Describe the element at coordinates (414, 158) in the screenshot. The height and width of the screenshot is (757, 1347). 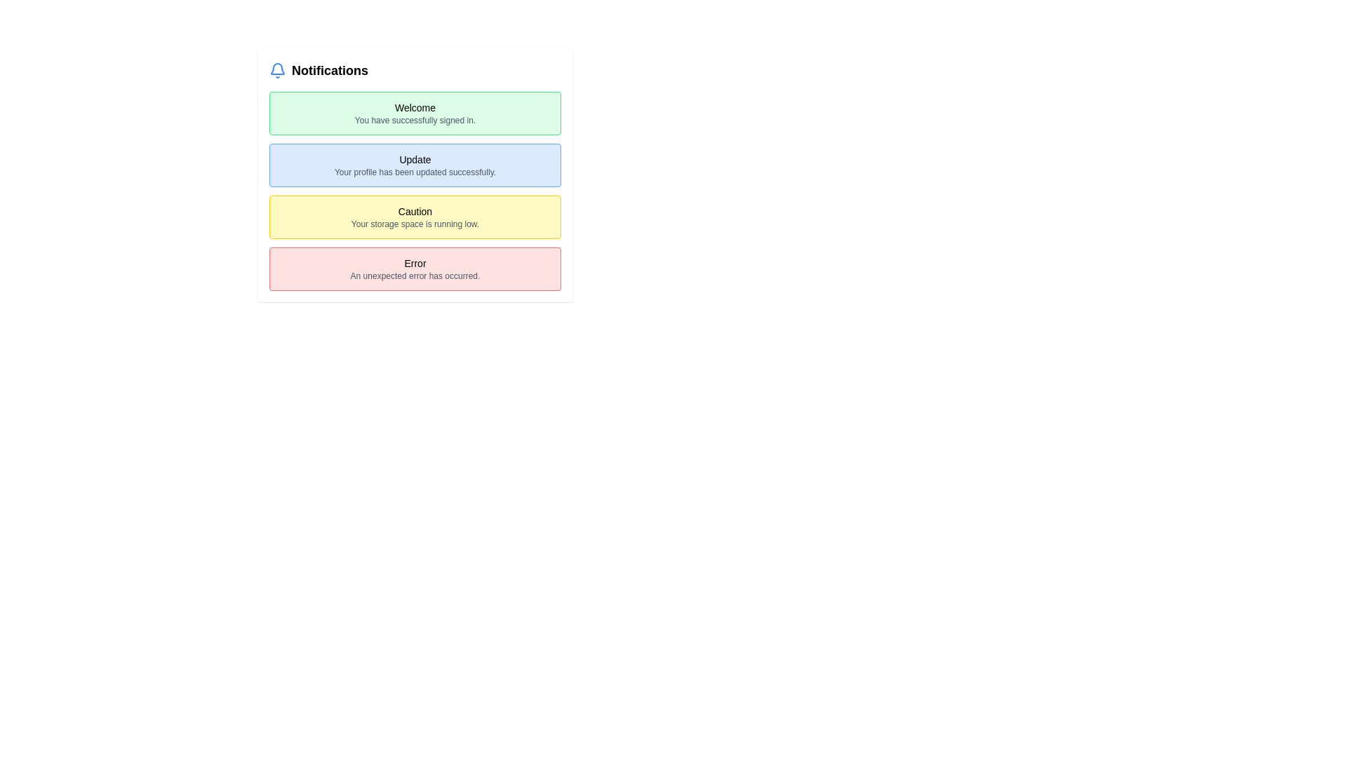
I see `the 'Update' text label that is styled with medium-sized, capitalized font and has a light blue background, positioned at the top of the notifications list` at that location.